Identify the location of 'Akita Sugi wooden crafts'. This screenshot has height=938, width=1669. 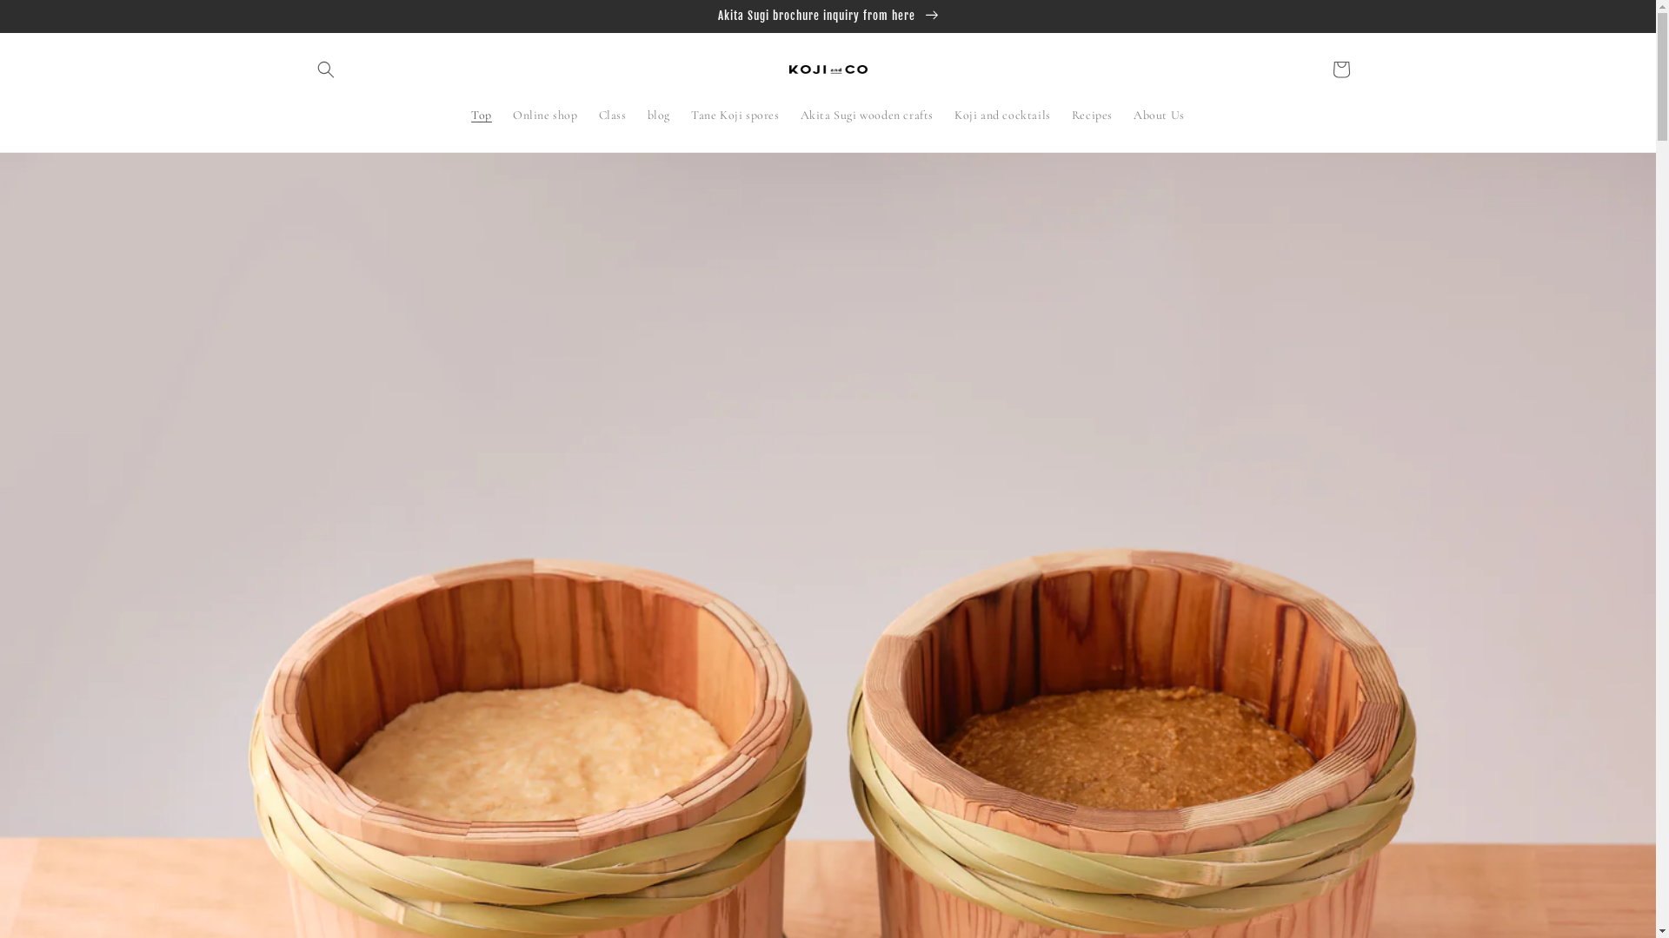
(867, 115).